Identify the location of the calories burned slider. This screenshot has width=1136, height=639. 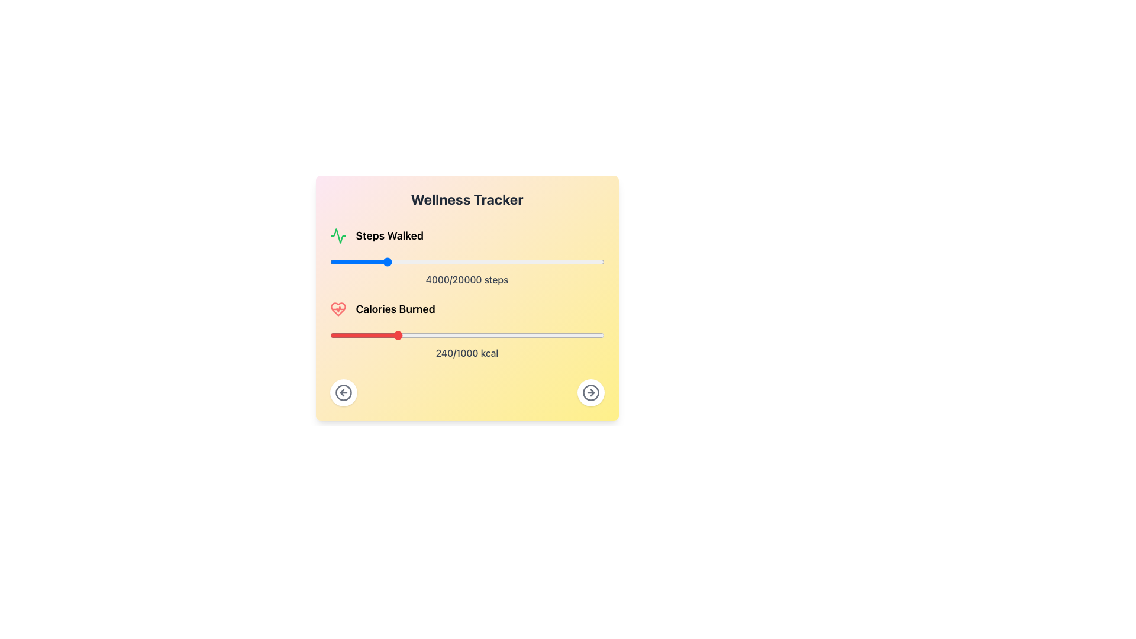
(342, 335).